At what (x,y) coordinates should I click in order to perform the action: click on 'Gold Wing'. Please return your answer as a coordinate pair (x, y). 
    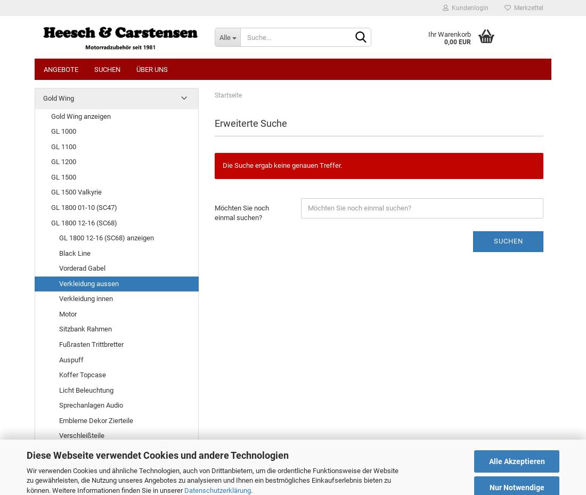
    Looking at the image, I should click on (59, 98).